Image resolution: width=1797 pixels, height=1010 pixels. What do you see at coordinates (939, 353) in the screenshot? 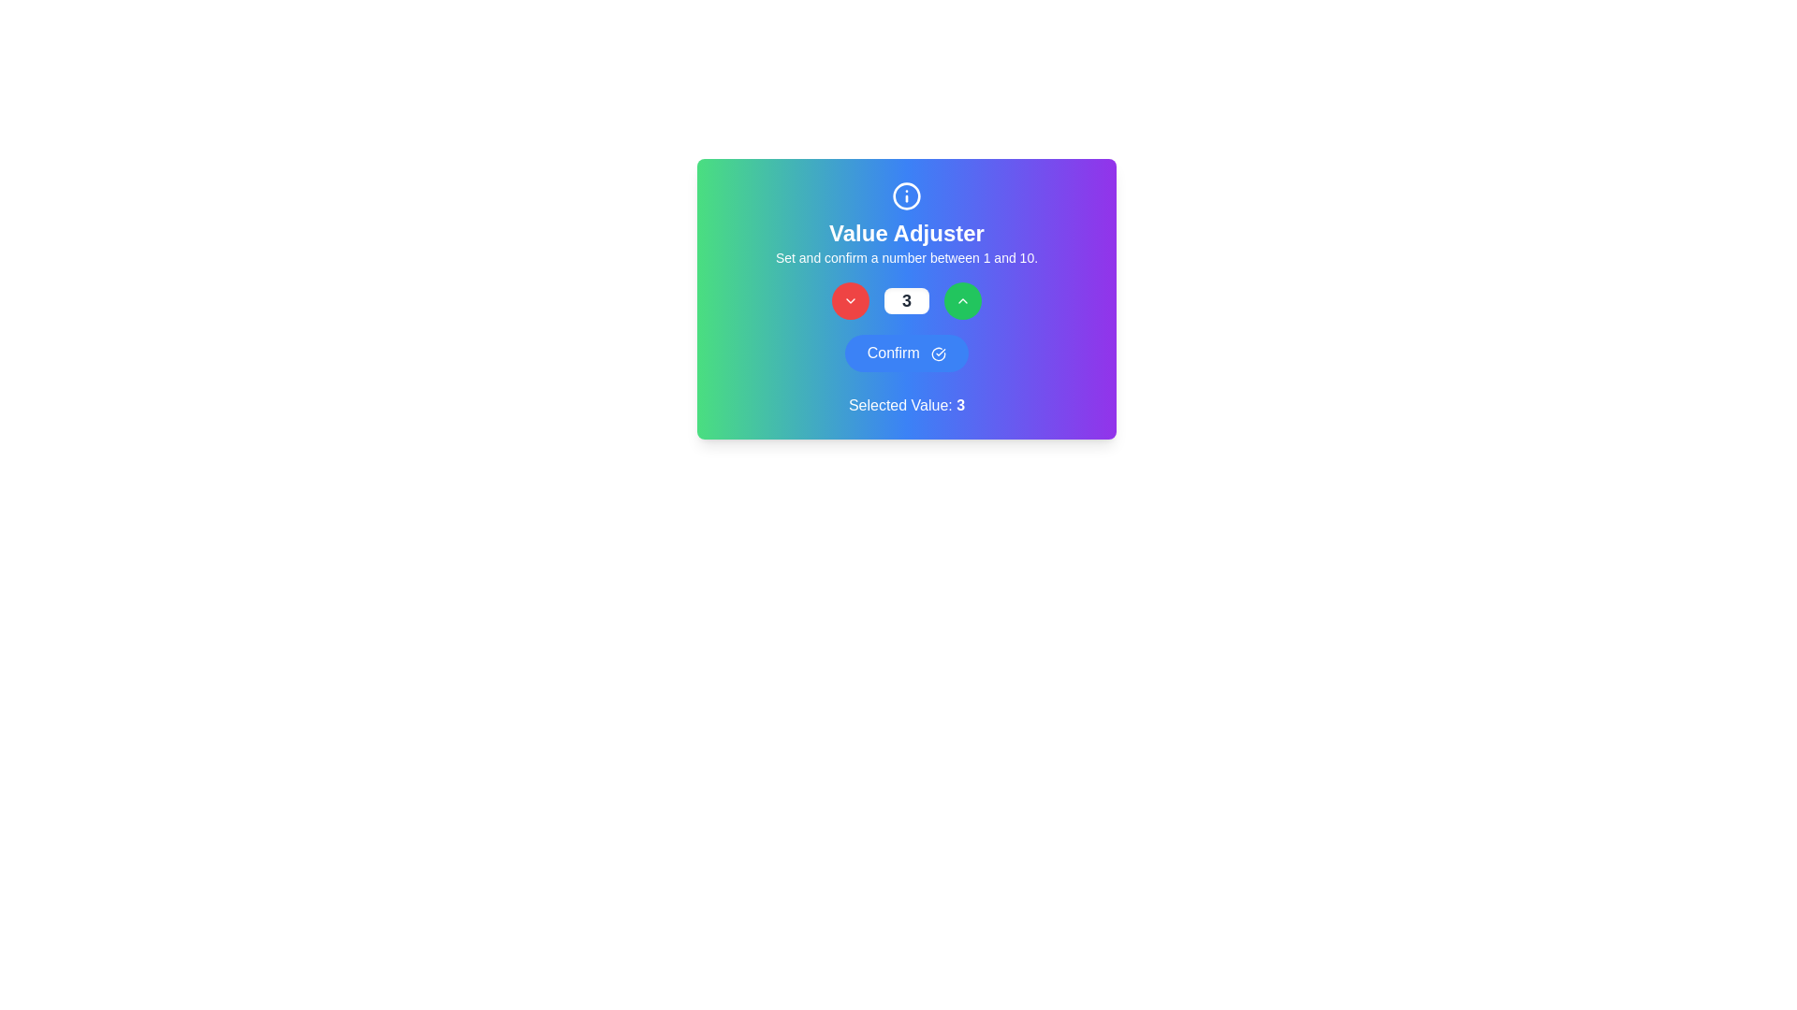
I see `the circular icon with a check mark in the center, which is styled with a light blue background and is located to the right of the 'Confirm' text within the button labeled 'Confirm'` at bounding box center [939, 353].